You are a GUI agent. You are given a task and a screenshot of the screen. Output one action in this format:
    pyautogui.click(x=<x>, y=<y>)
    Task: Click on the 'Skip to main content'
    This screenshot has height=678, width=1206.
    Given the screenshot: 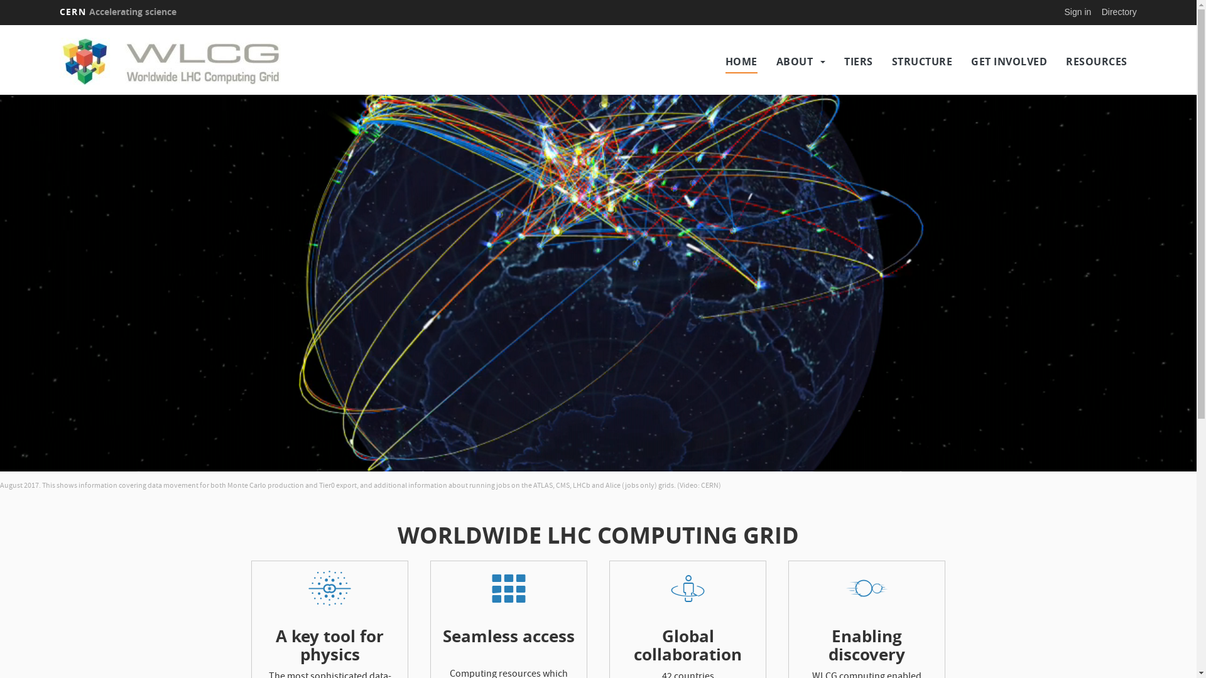 What is the action you would take?
    pyautogui.click(x=0, y=25)
    